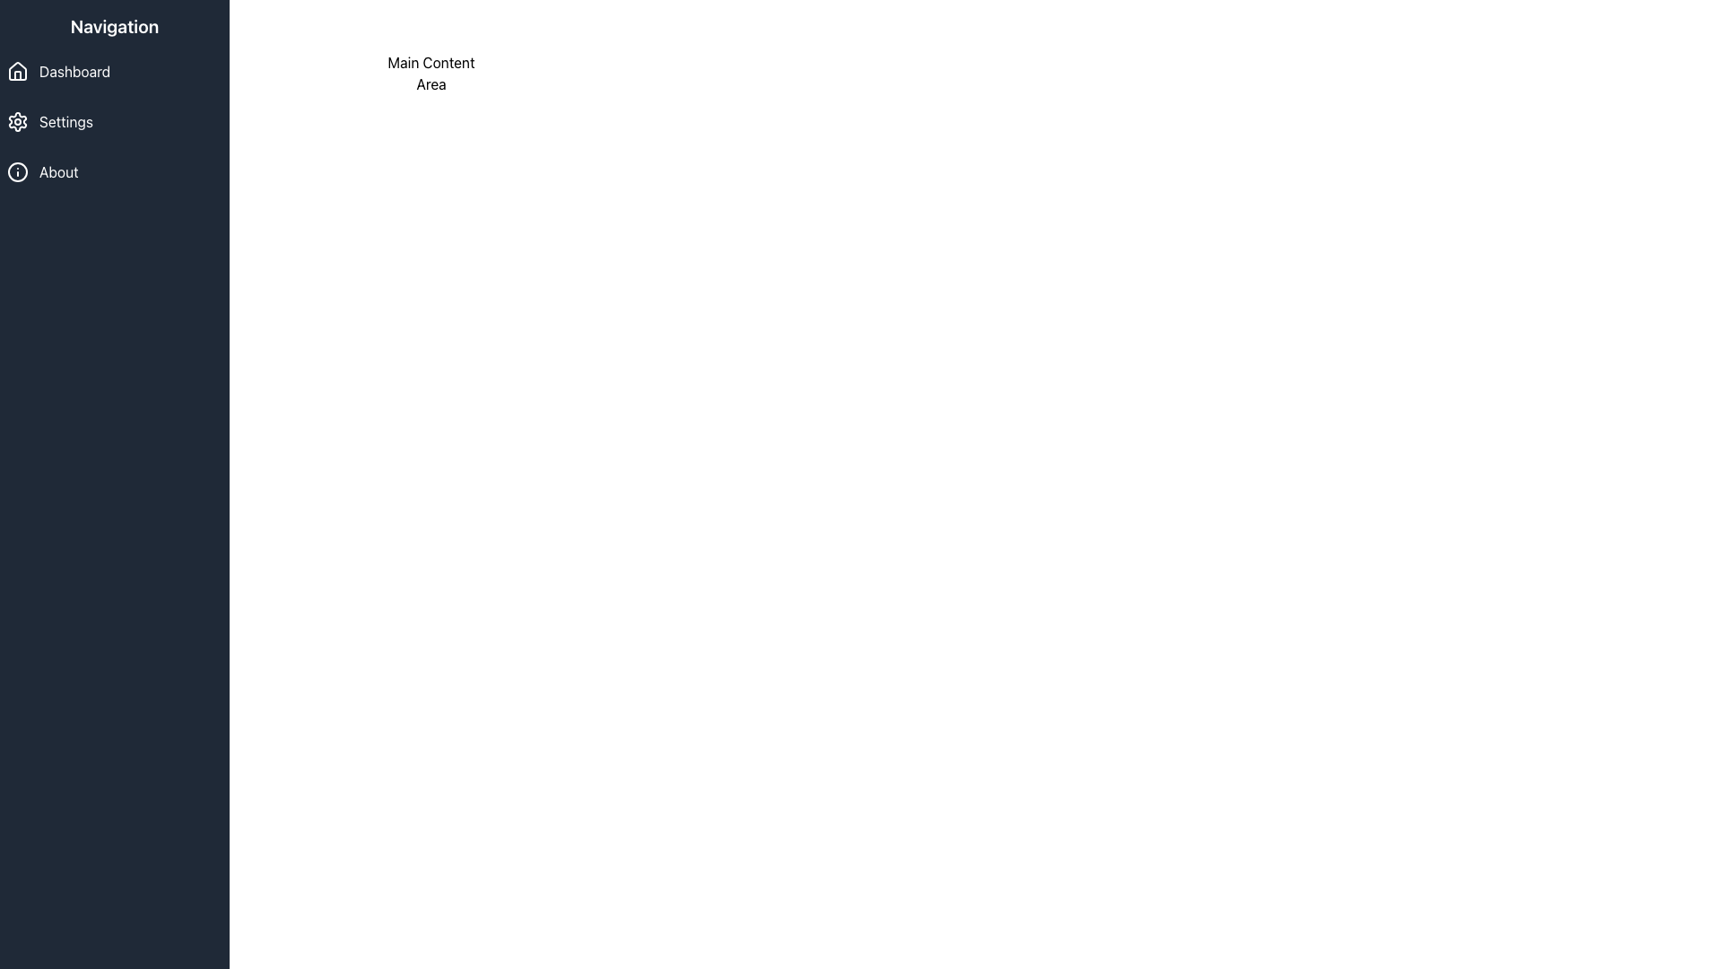  I want to click on the 'About' text label element in the navigation menu, so click(58, 172).